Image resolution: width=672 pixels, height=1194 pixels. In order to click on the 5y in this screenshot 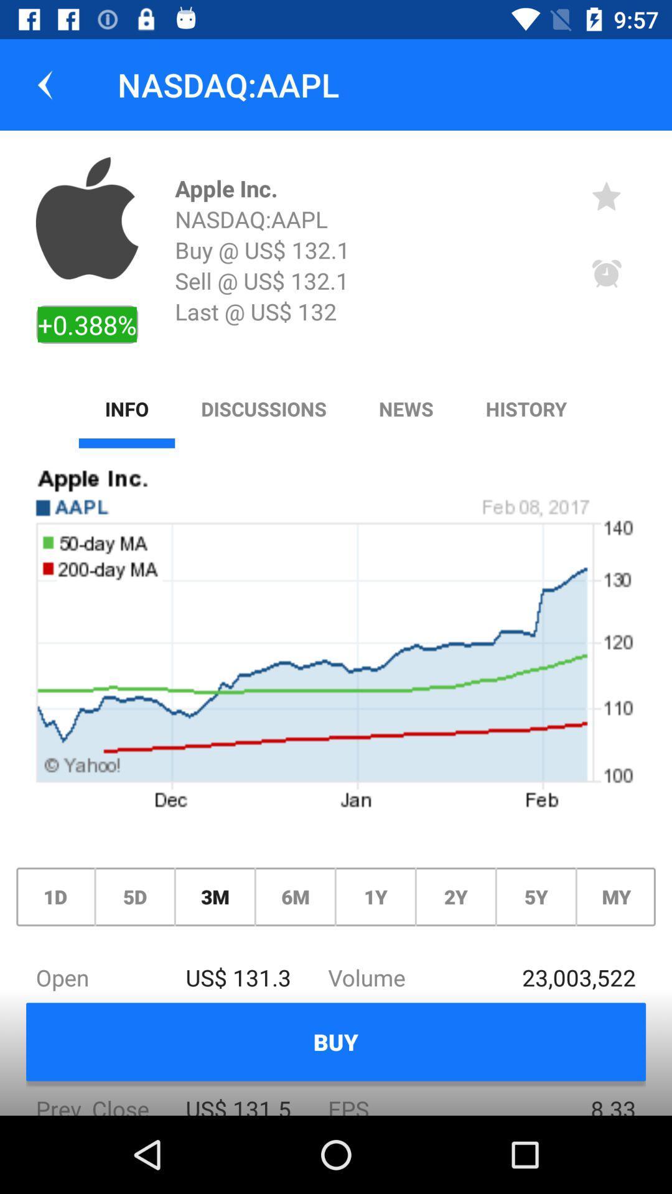, I will do `click(535, 897)`.